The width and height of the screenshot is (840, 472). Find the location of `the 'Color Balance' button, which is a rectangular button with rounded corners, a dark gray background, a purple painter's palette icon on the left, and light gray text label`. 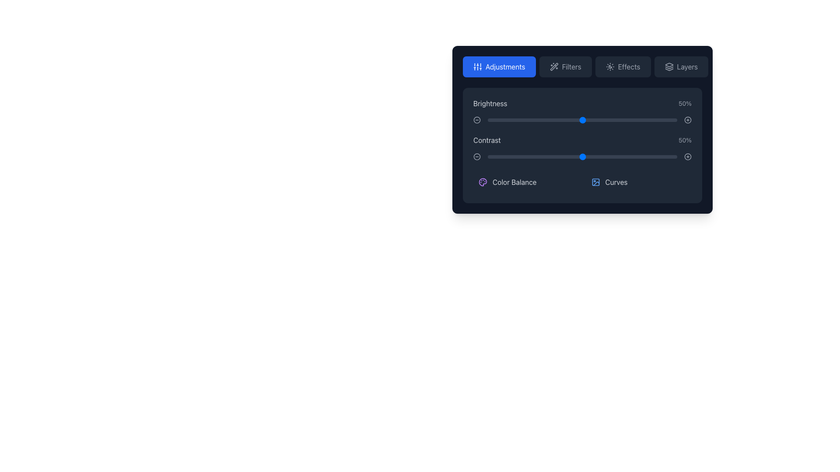

the 'Color Balance' button, which is a rectangular button with rounded corners, a dark gray background, a purple painter's palette icon on the left, and light gray text label is located at coordinates (525, 181).